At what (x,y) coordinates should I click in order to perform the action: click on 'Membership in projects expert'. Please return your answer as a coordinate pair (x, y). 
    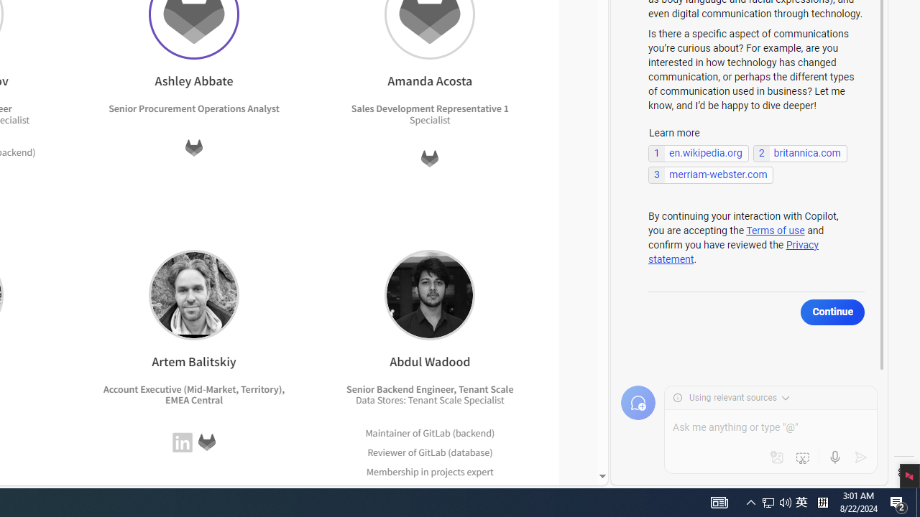
    Looking at the image, I should click on (430, 471).